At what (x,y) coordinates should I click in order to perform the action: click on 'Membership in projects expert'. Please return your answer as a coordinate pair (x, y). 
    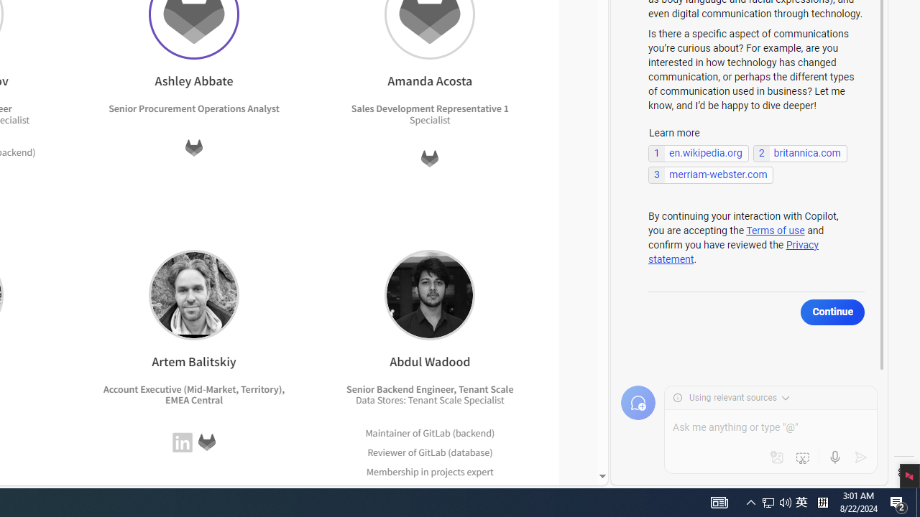
    Looking at the image, I should click on (430, 471).